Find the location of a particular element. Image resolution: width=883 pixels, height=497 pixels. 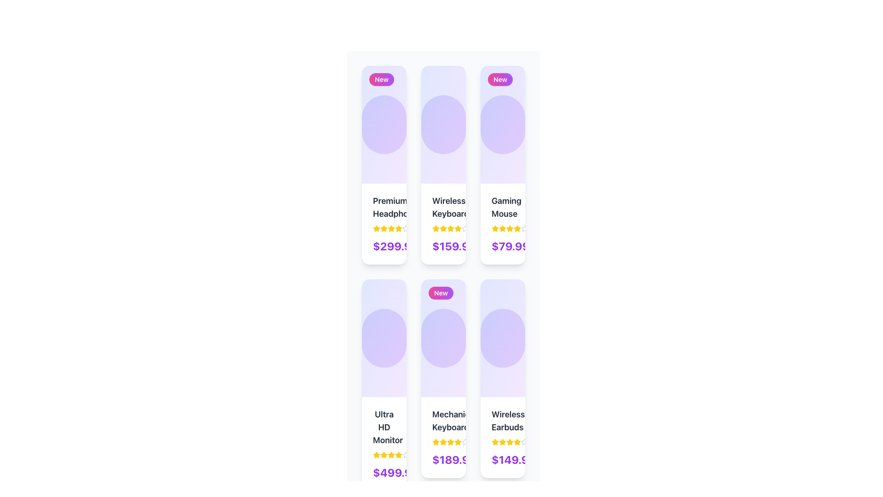

the second yellow rating star in the rating section below 'Ultra HD Monitor' for information is located at coordinates (384, 454).